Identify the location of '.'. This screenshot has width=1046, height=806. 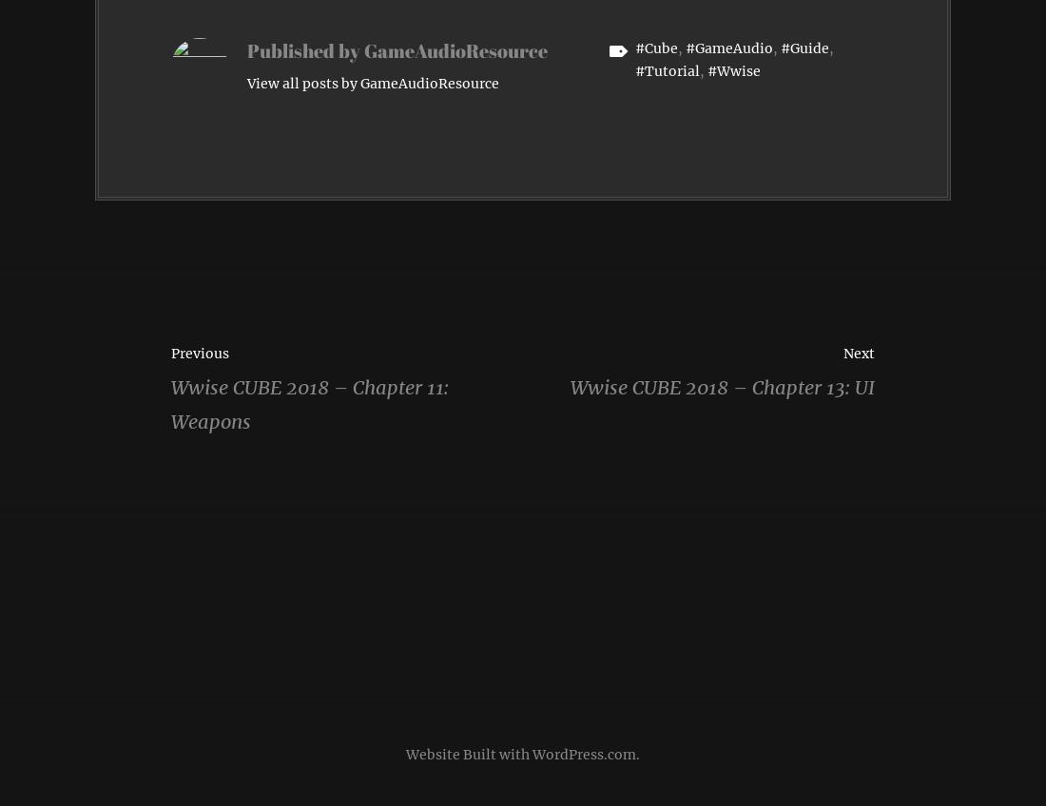
(638, 753).